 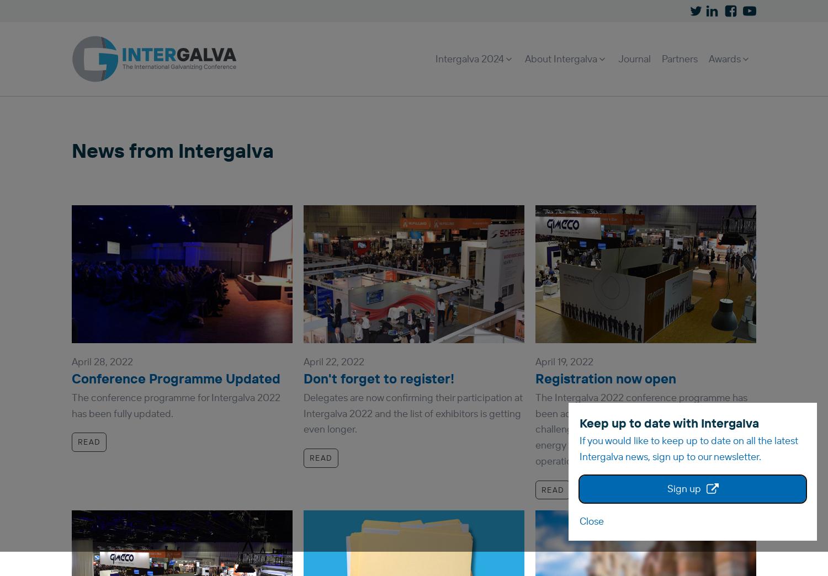 I want to click on 'Sign up', so click(x=683, y=488).